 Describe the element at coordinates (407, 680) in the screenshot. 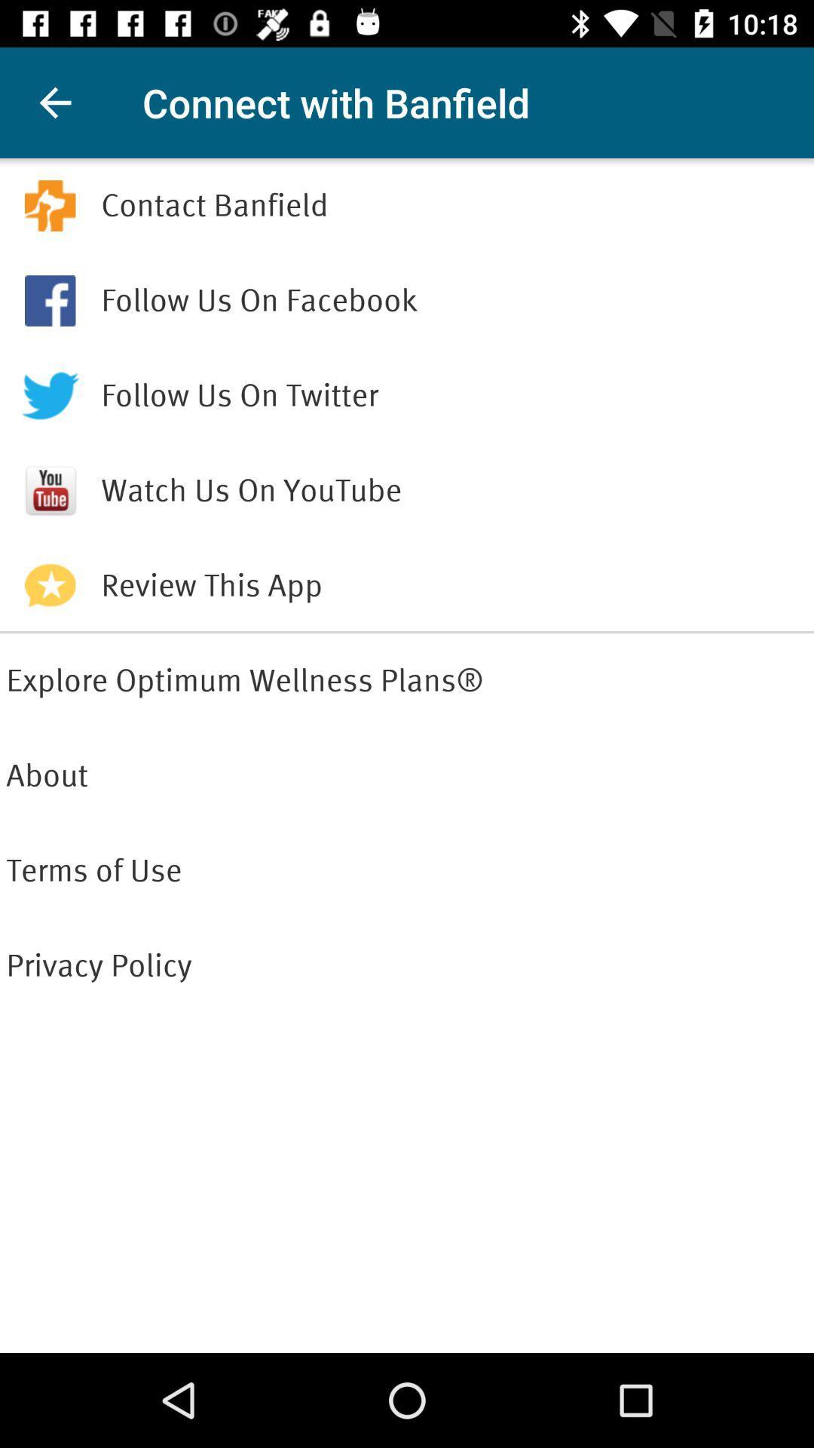

I see `the item above about` at that location.